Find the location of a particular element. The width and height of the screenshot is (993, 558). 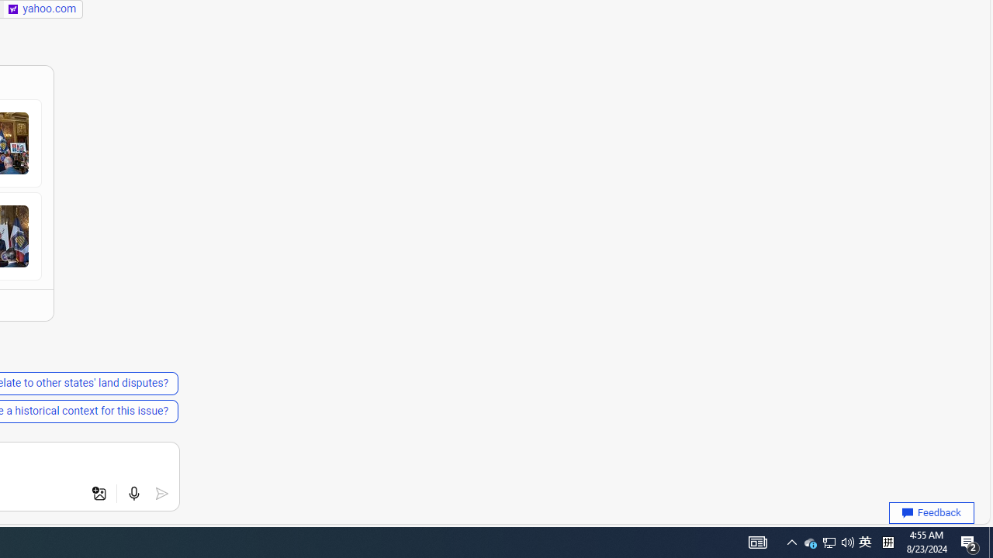

'Add an image to search' is located at coordinates (99, 494).